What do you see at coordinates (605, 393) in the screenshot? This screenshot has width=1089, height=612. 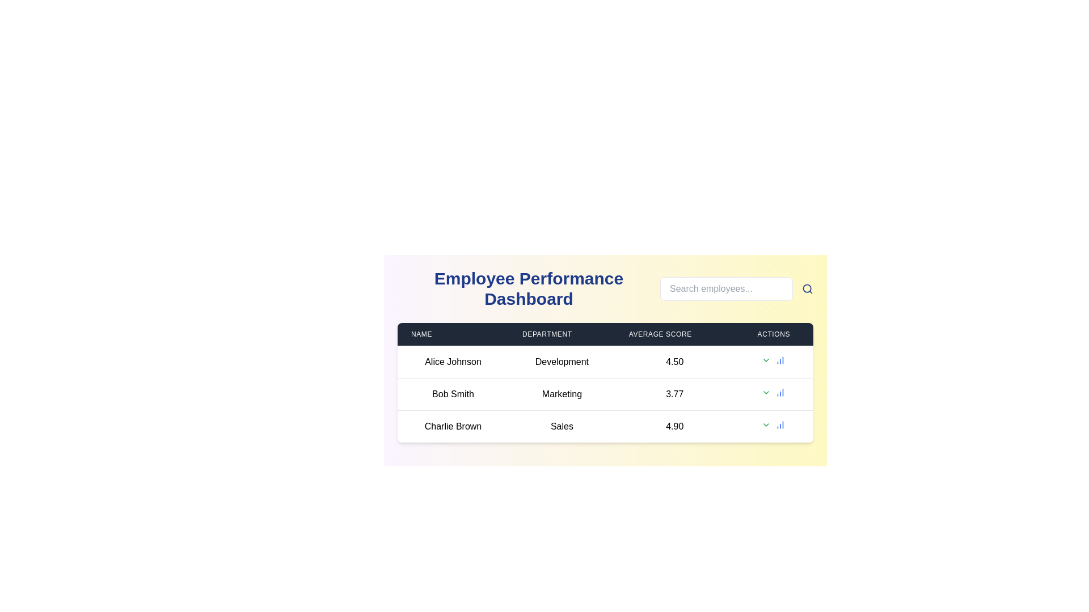 I see `the second row of the employee table containing 'Bob Smith', 'Marketing', and '3.77'` at bounding box center [605, 393].